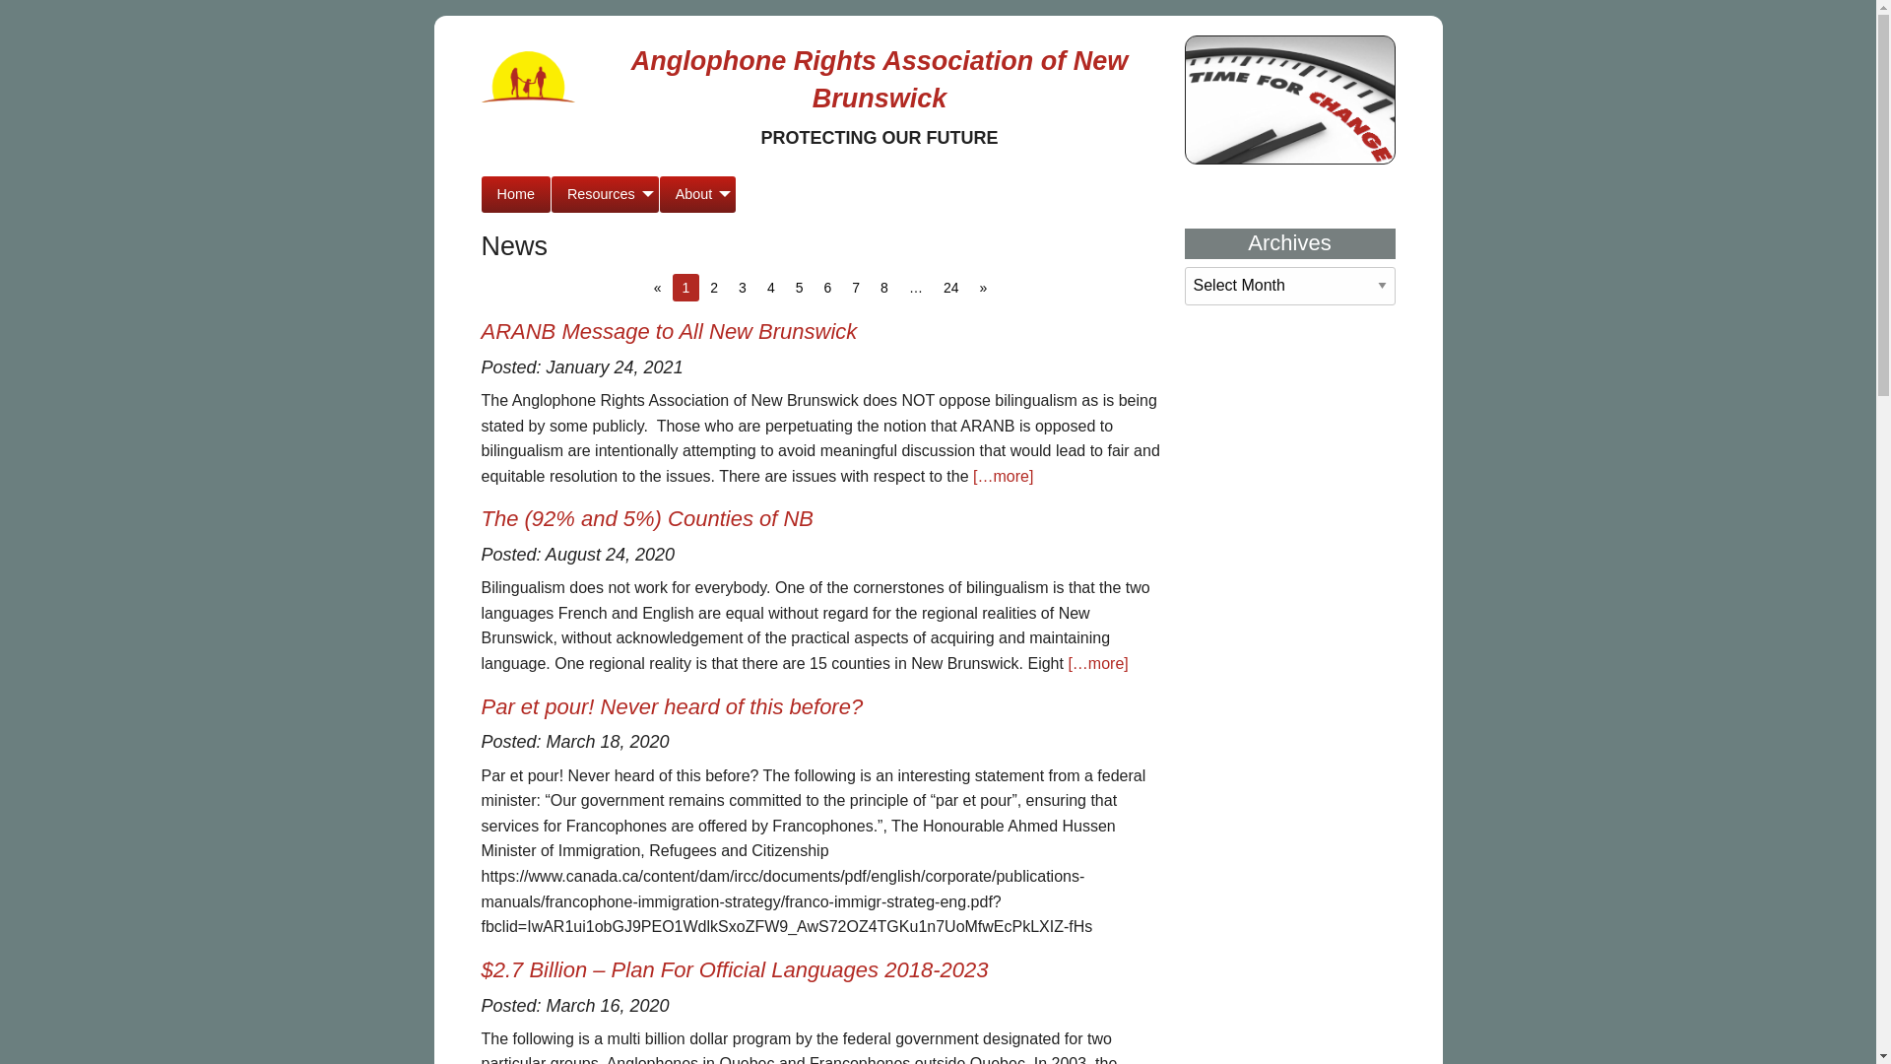 The image size is (1891, 1064). What do you see at coordinates (481, 194) in the screenshot?
I see `'Home'` at bounding box center [481, 194].